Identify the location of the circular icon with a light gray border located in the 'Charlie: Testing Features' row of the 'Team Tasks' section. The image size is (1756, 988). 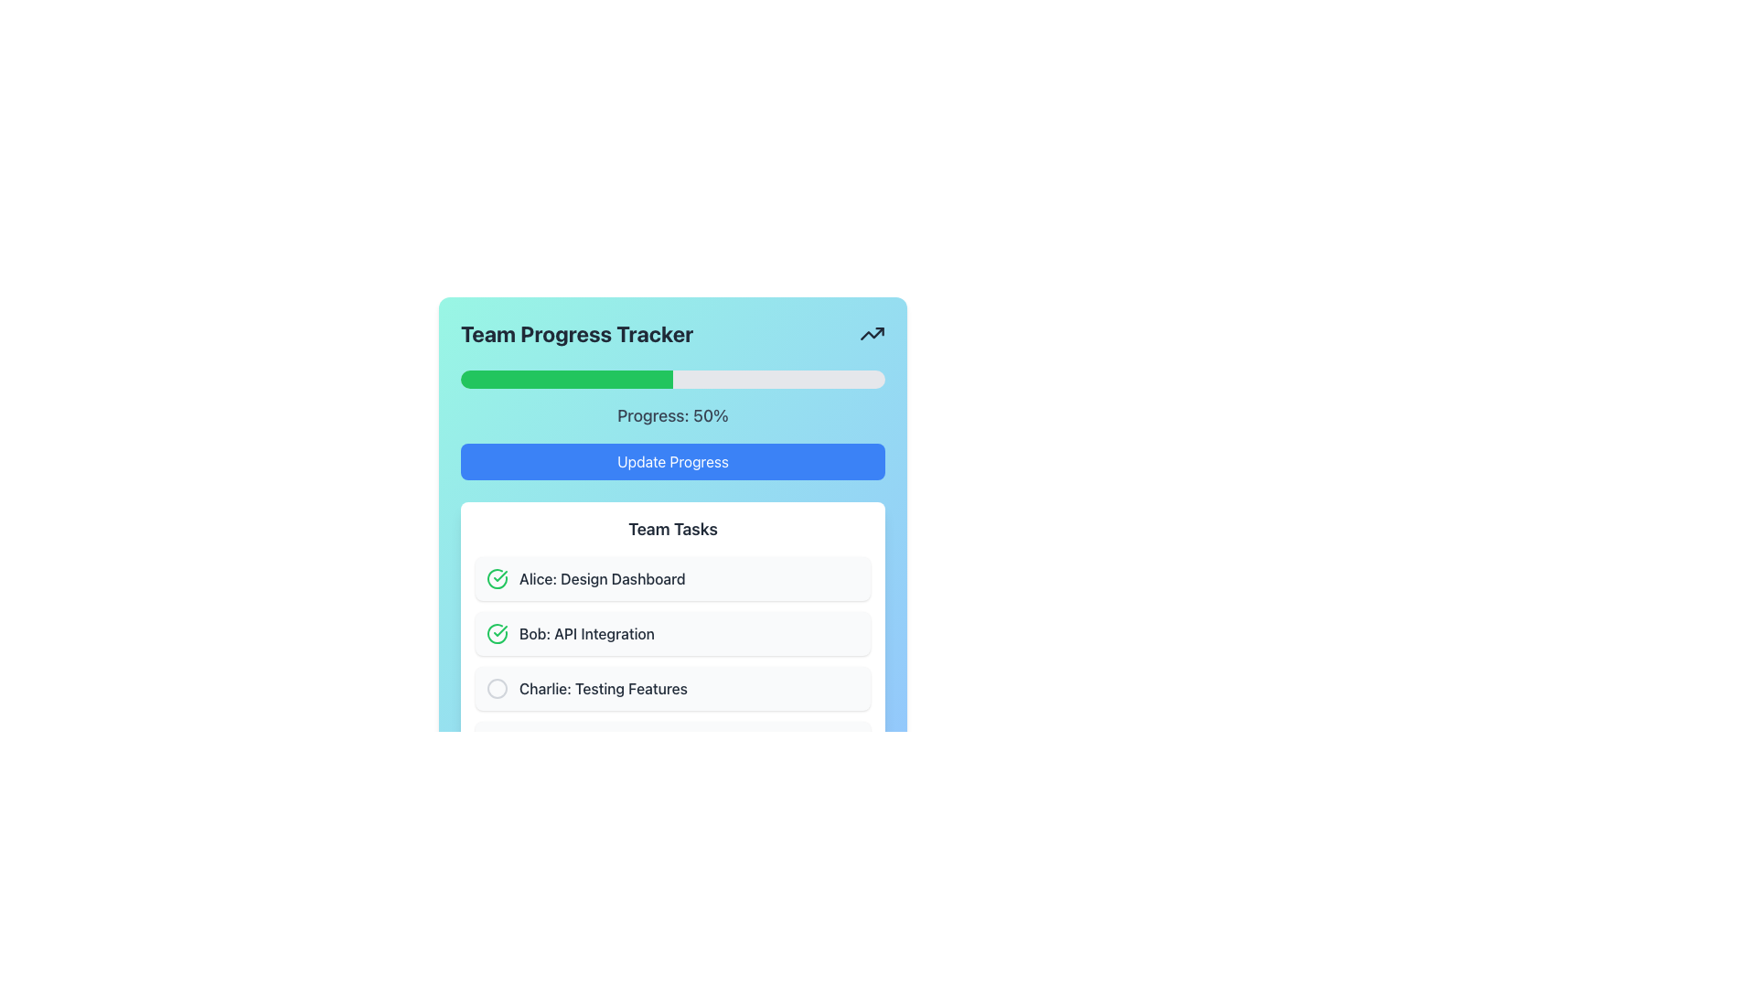
(497, 688).